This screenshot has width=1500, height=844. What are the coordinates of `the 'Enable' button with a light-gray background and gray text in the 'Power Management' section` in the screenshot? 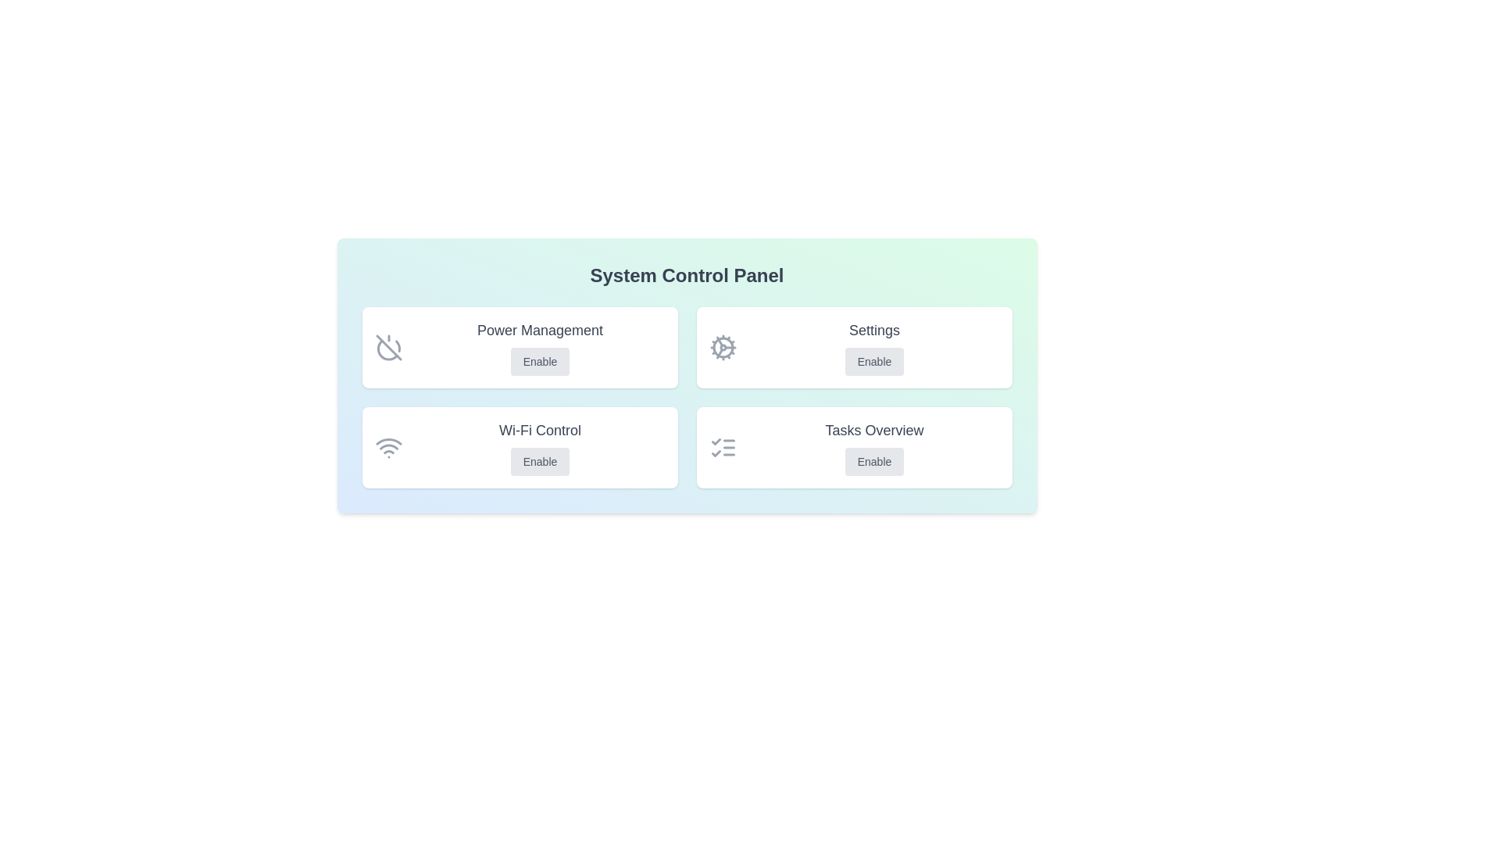 It's located at (540, 361).